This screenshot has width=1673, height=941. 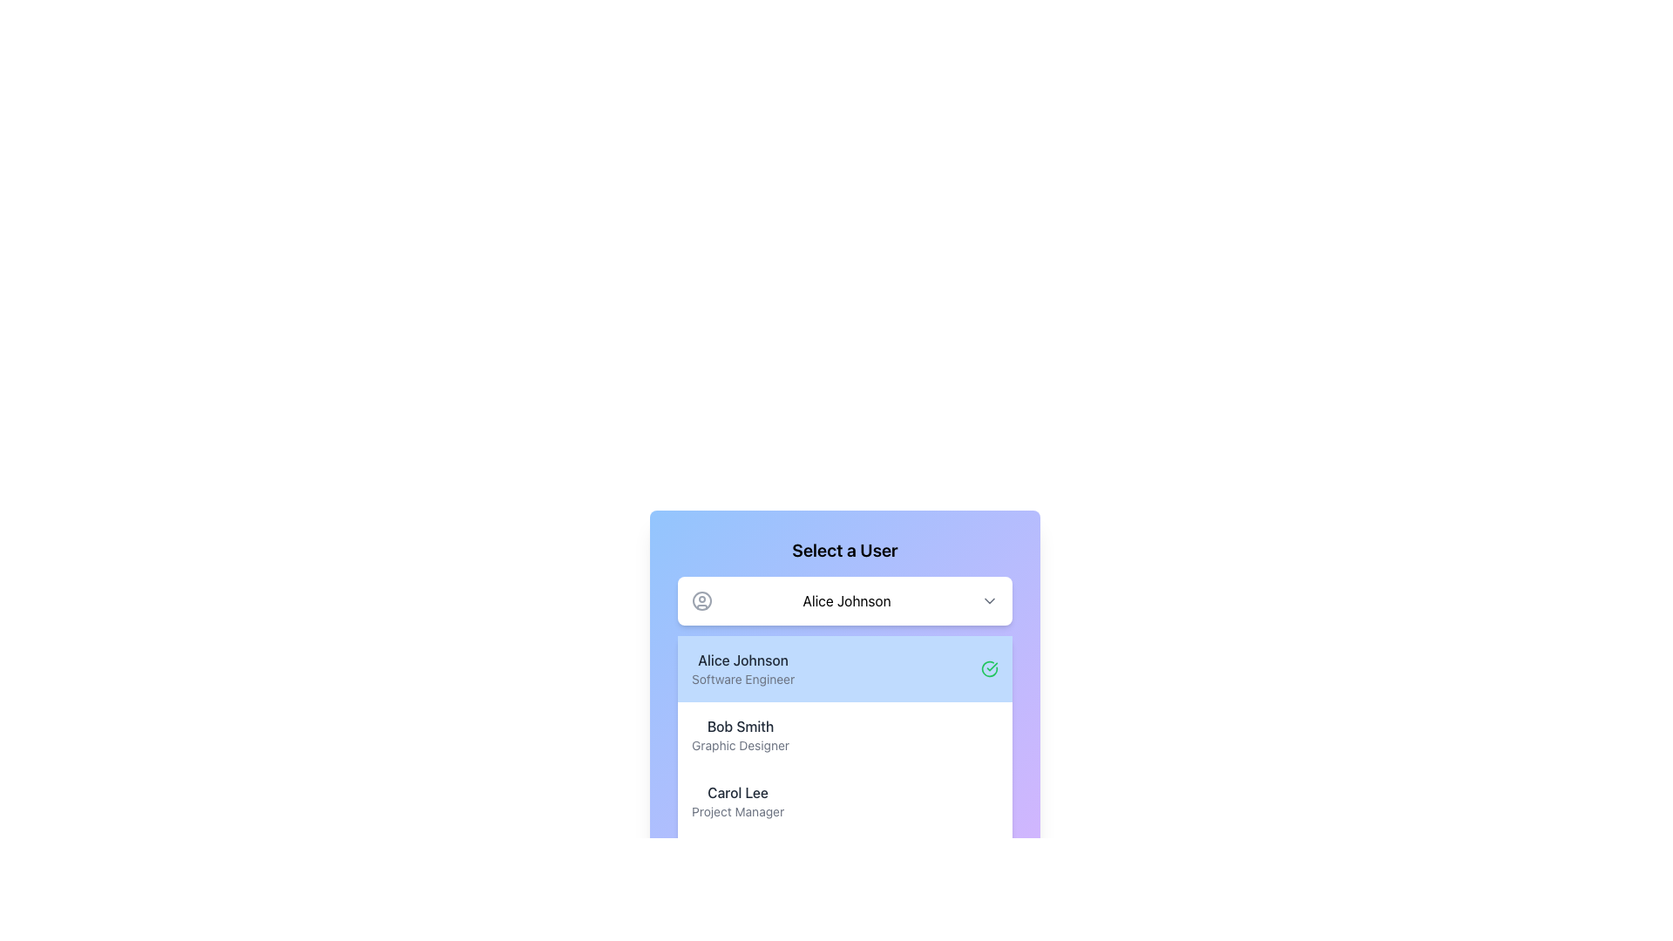 I want to click on the text label displaying 'Bob Smith', which is centrally aligned in the 'Select a User' interface and styled in medium font weight with dark gray color, so click(x=740, y=726).